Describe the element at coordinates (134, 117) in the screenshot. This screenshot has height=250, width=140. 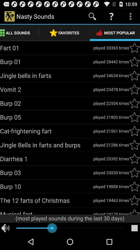
I see `click your favorites` at that location.